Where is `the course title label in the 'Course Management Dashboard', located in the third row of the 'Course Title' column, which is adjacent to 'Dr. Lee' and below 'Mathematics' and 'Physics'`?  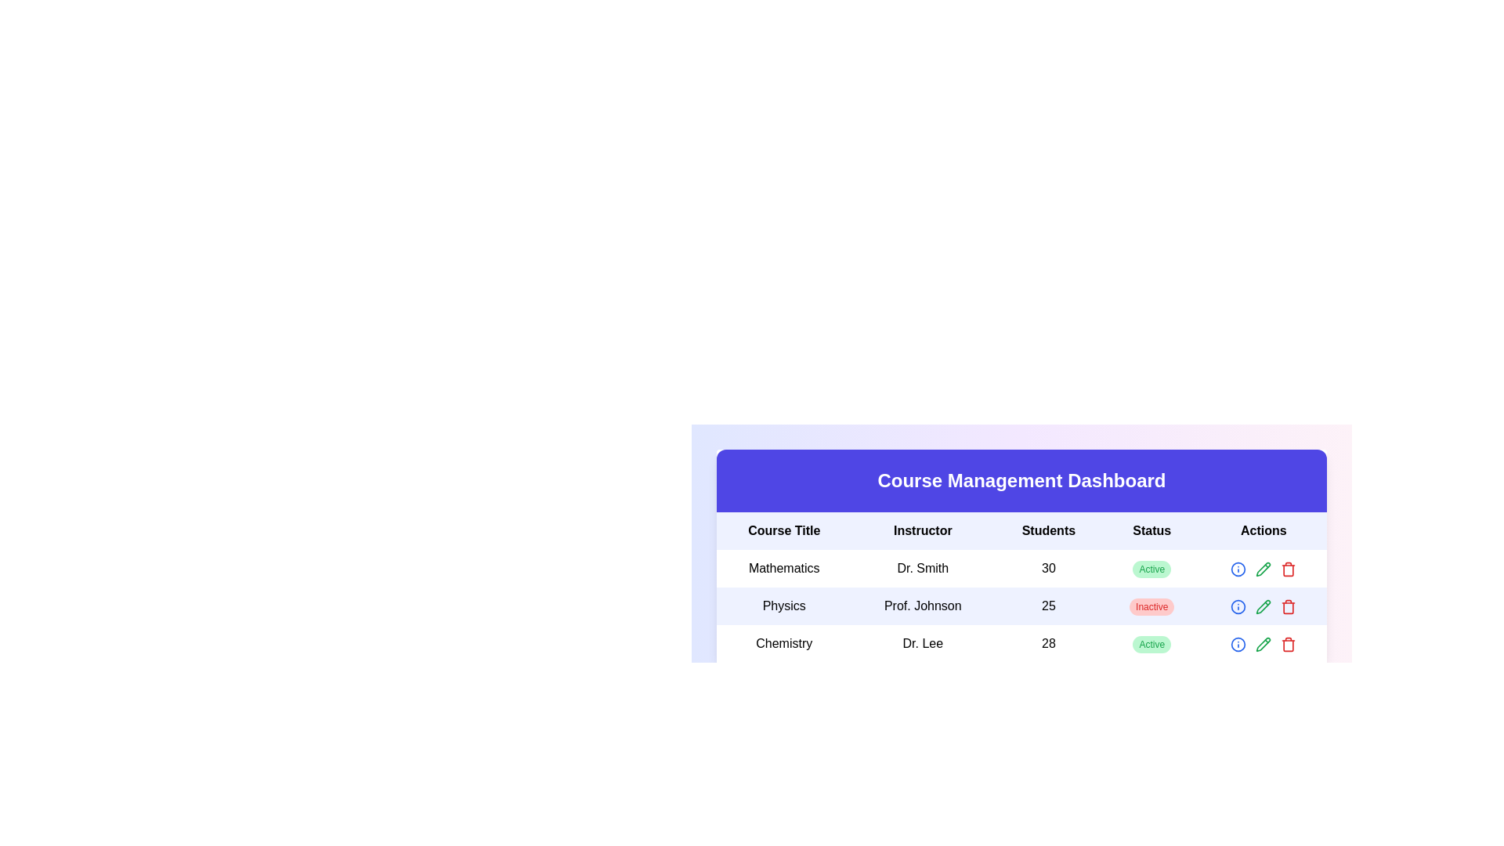 the course title label in the 'Course Management Dashboard', located in the third row of the 'Course Title' column, which is adjacent to 'Dr. Lee' and below 'Mathematics' and 'Physics' is located at coordinates (784, 643).